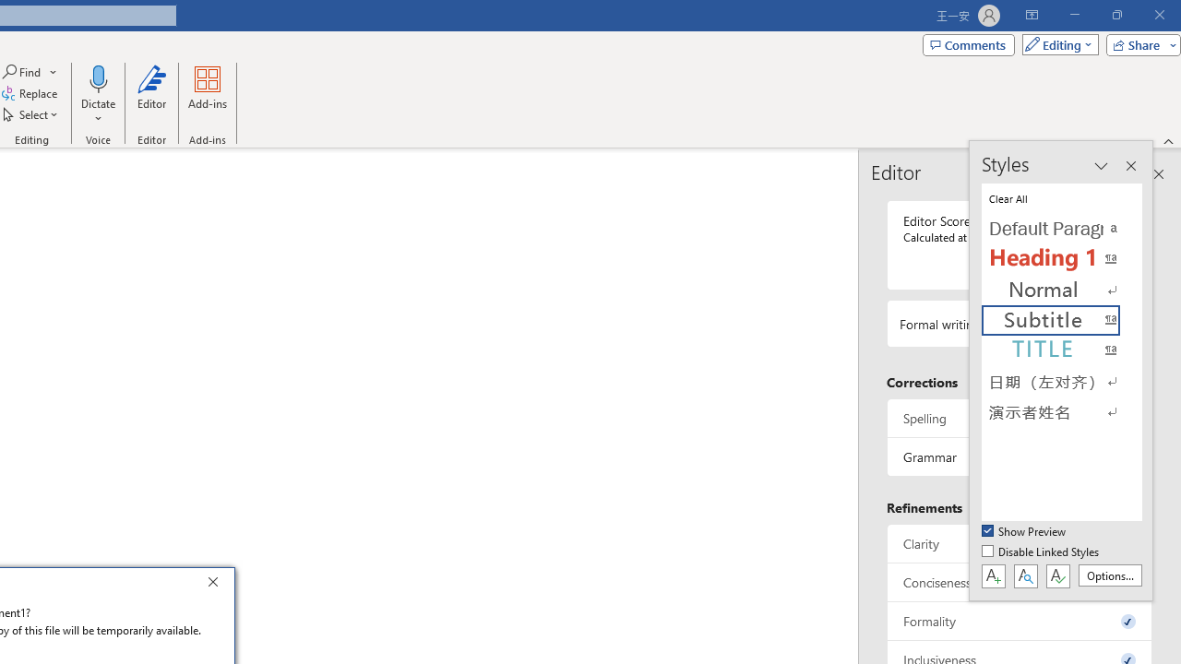 Image resolution: width=1181 pixels, height=664 pixels. What do you see at coordinates (1061, 290) in the screenshot?
I see `'Normal'` at bounding box center [1061, 290].